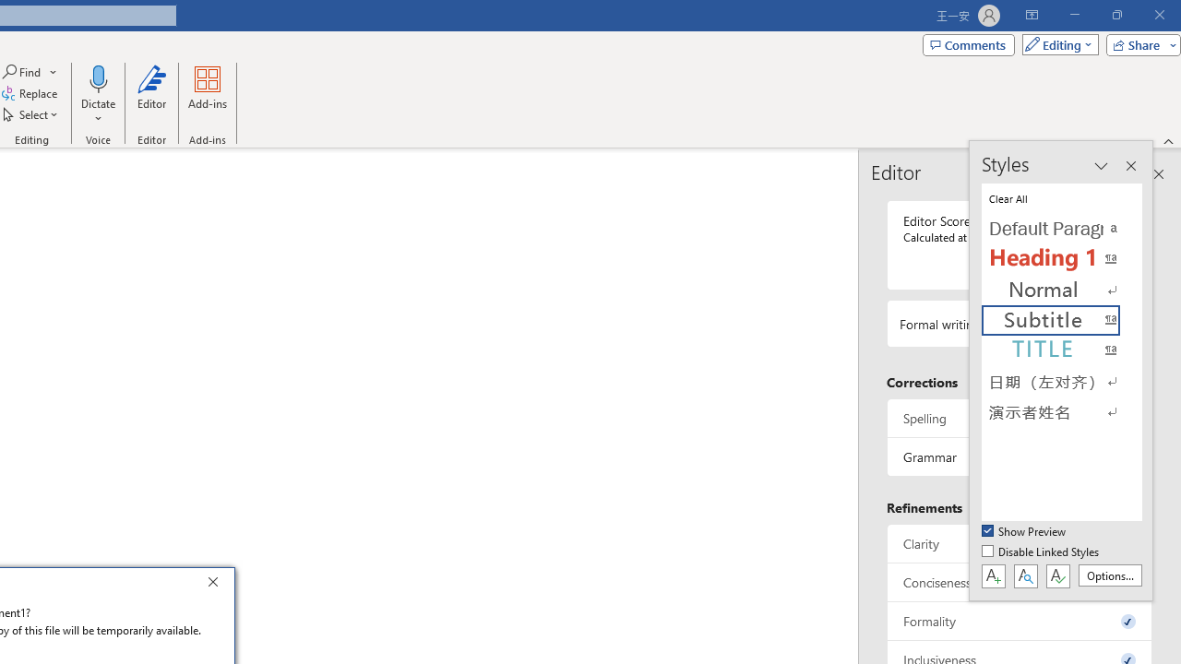 Image resolution: width=1181 pixels, height=664 pixels. What do you see at coordinates (1061, 290) in the screenshot?
I see `'Normal'` at bounding box center [1061, 290].